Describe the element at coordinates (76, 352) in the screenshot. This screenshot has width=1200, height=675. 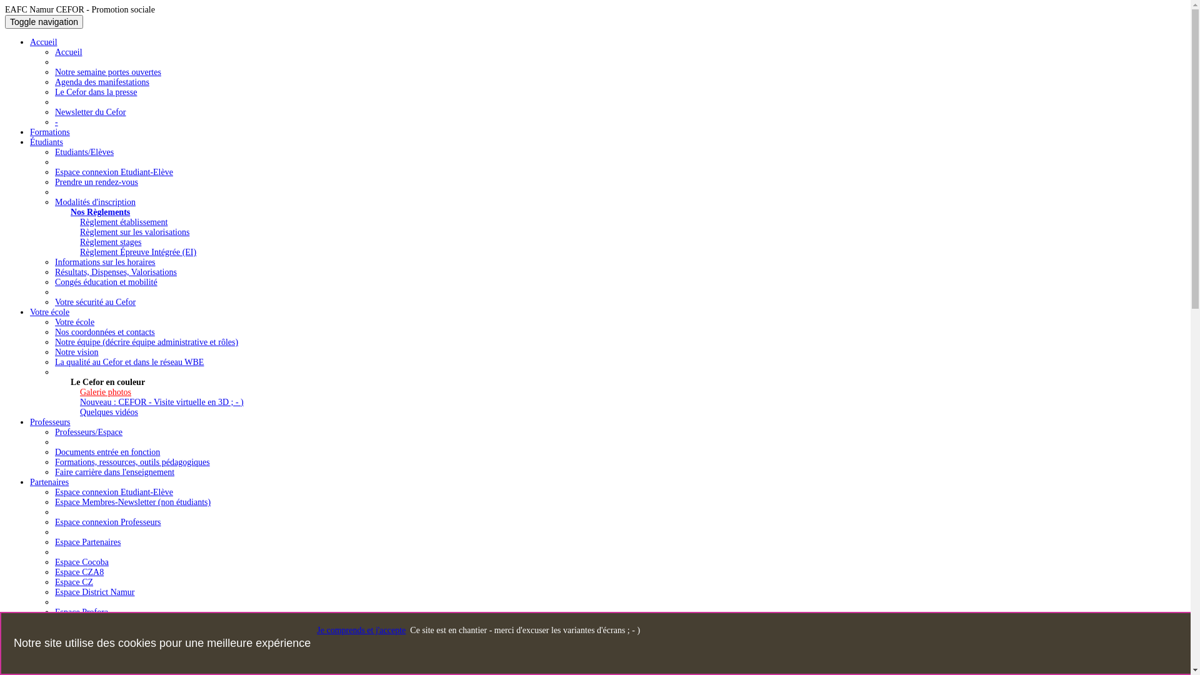
I see `'Notre vision'` at that location.